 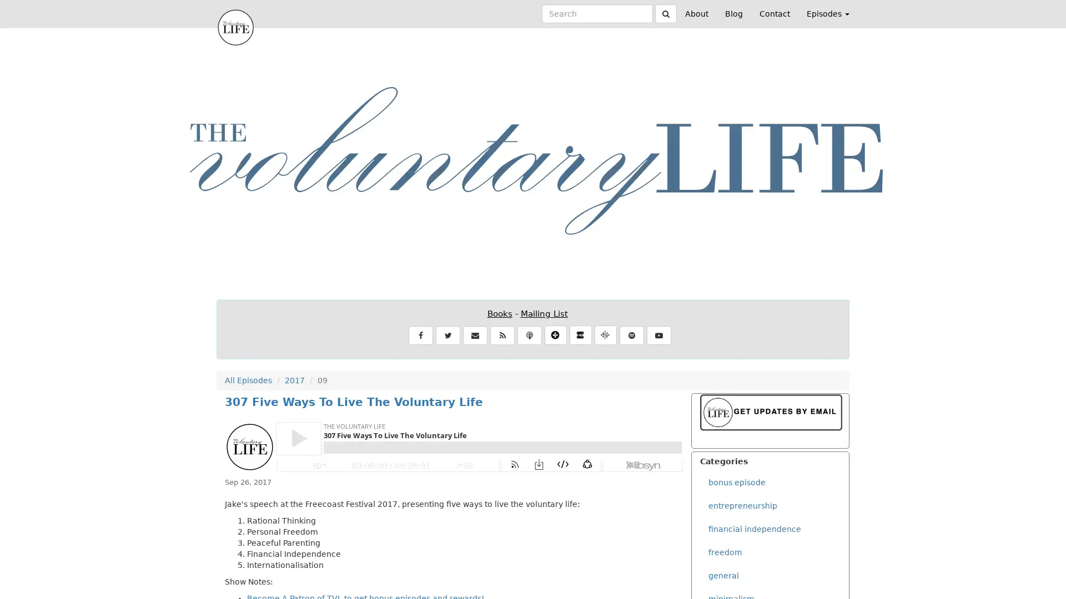 What do you see at coordinates (666, 13) in the screenshot?
I see `Click to submit search` at bounding box center [666, 13].